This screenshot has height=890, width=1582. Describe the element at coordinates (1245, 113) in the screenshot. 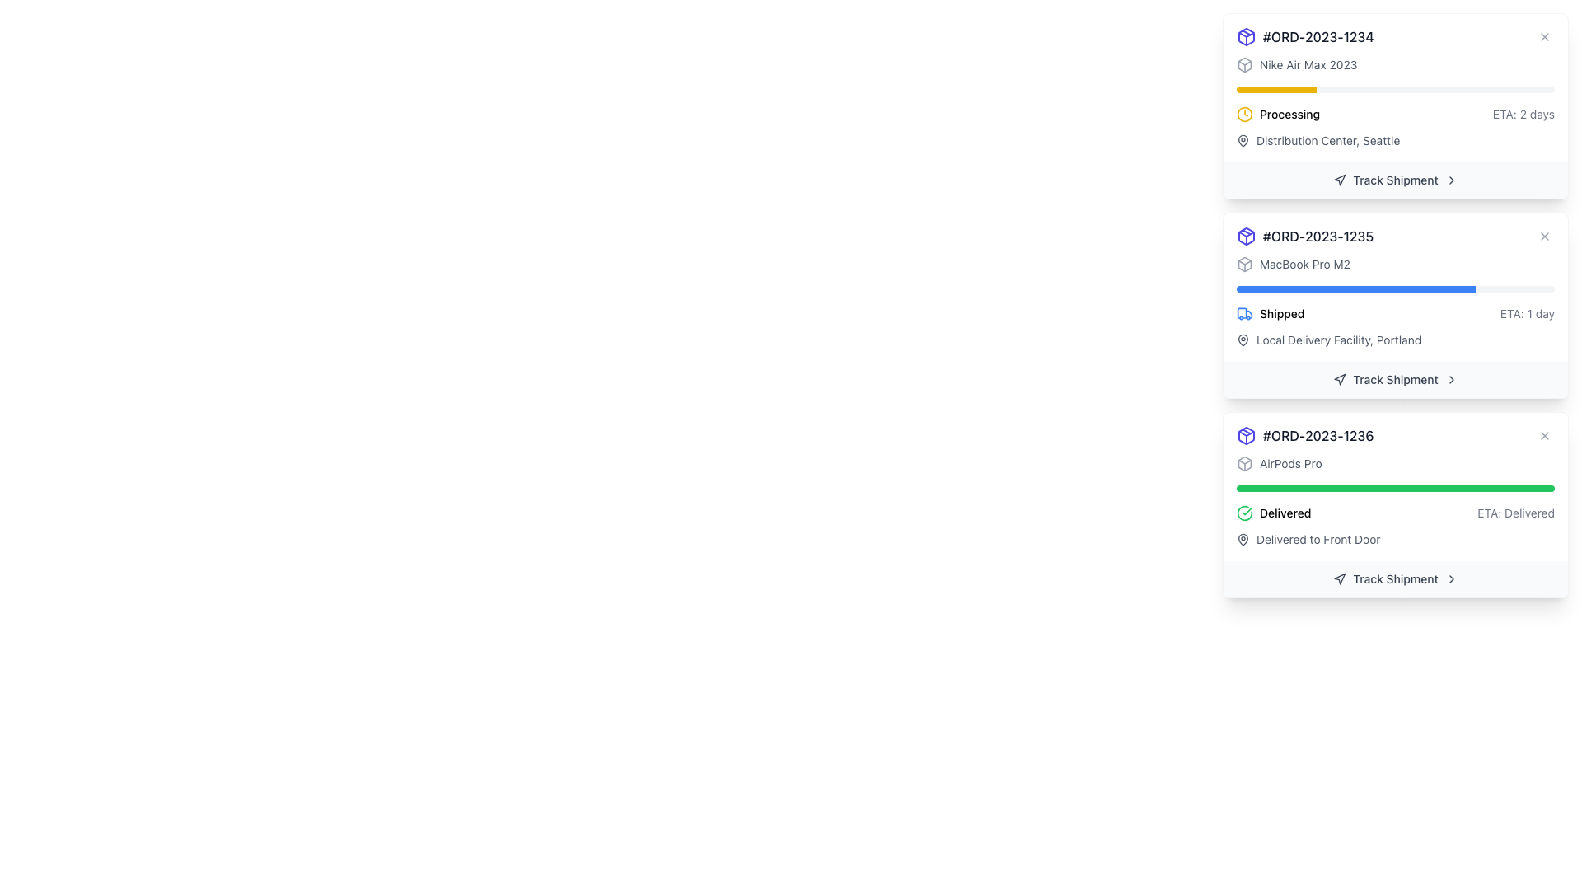

I see `the circular background element of the clock icon located in the first item's section above the 'Processing' label and next to '#ORD-2023-1234'` at that location.